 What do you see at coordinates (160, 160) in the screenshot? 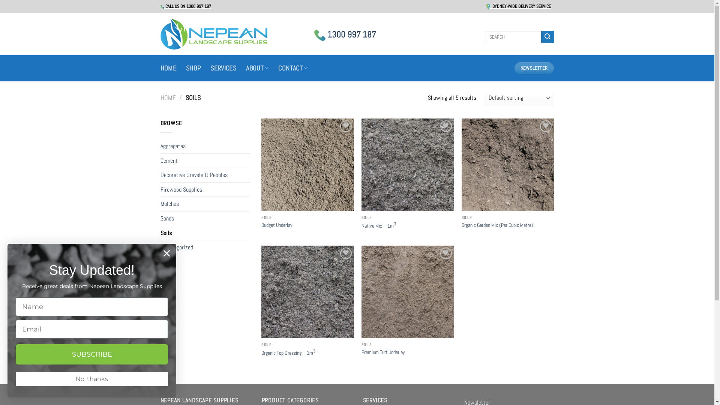
I see `'Cement'` at bounding box center [160, 160].